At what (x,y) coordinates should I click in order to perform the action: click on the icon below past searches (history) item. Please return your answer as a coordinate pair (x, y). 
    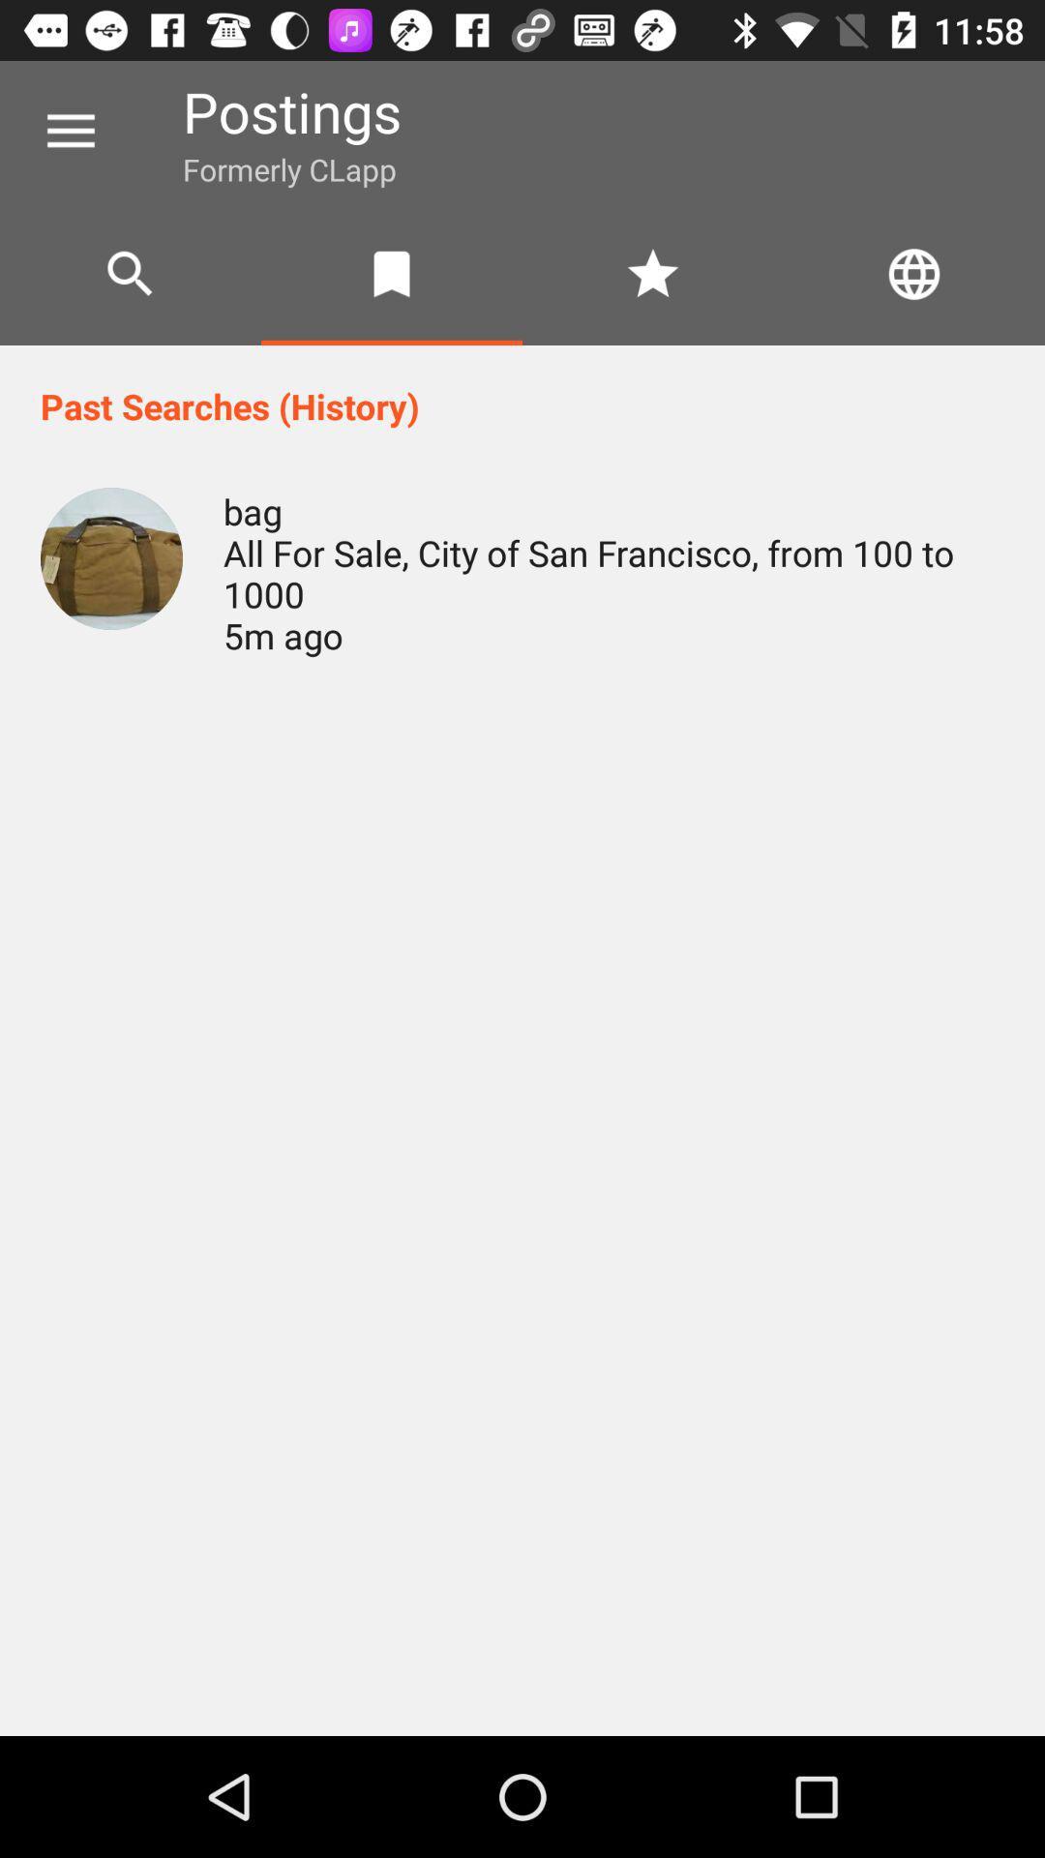
    Looking at the image, I should click on (111, 557).